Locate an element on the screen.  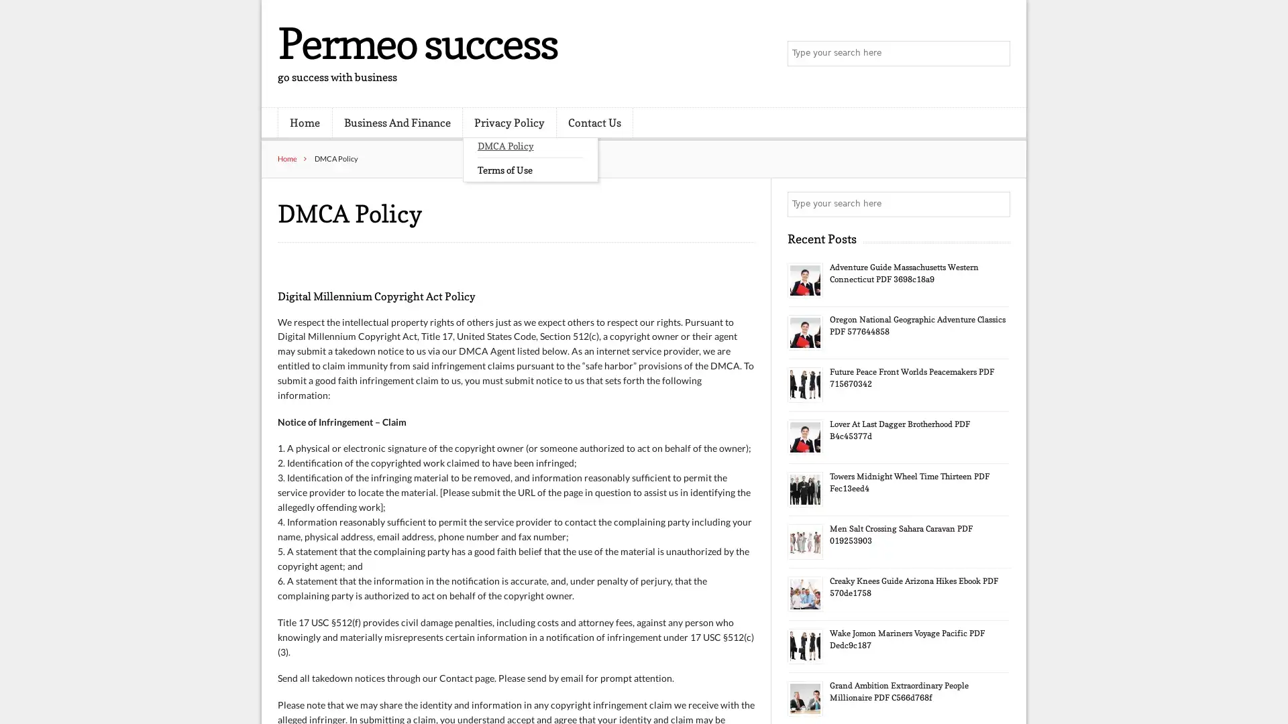
Search is located at coordinates (996, 204).